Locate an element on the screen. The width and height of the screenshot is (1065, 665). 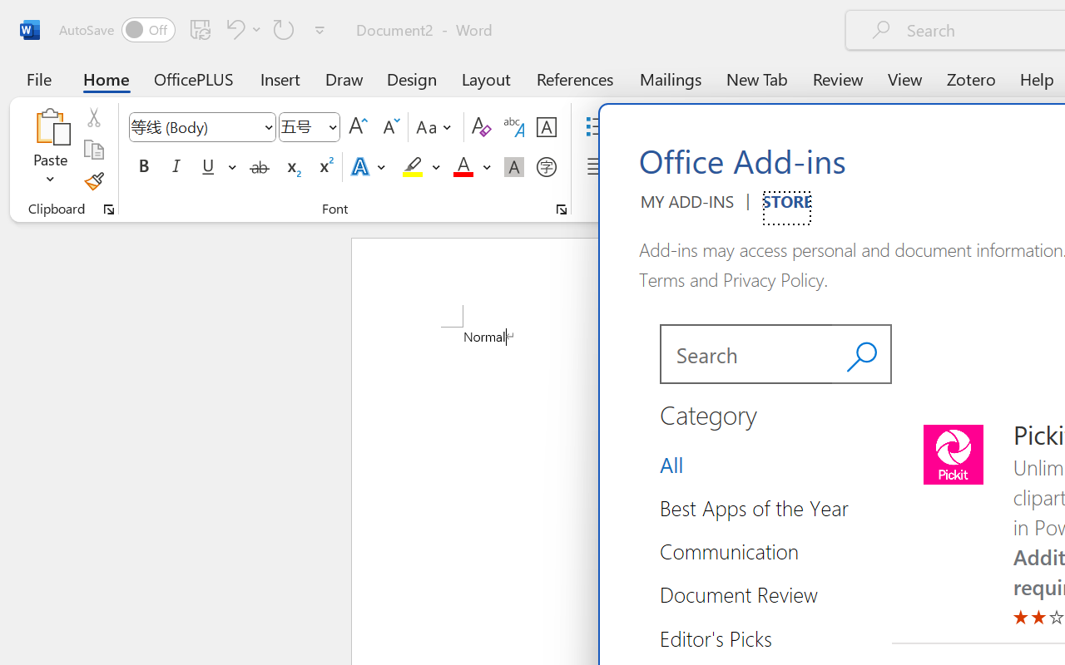
'Superscript' is located at coordinates (324, 167).